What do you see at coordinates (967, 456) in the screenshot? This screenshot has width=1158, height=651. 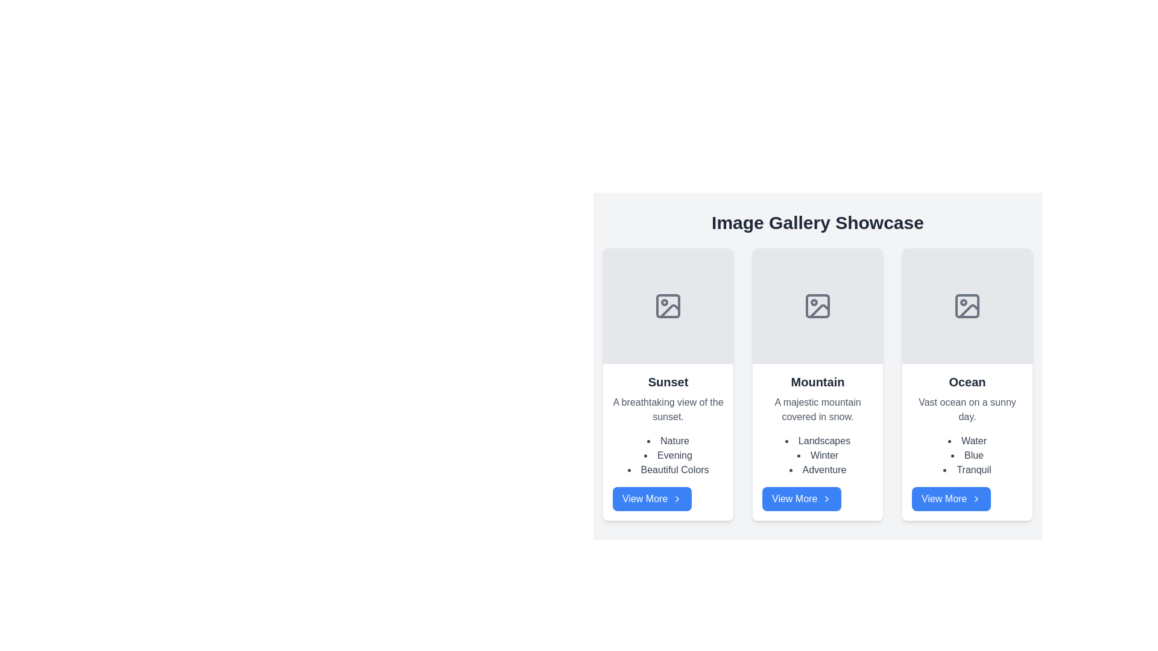 I see `the text label 'Blue', which is the second item in the bulleted list under the 'Ocean' card, located to the right in the layout` at bounding box center [967, 456].